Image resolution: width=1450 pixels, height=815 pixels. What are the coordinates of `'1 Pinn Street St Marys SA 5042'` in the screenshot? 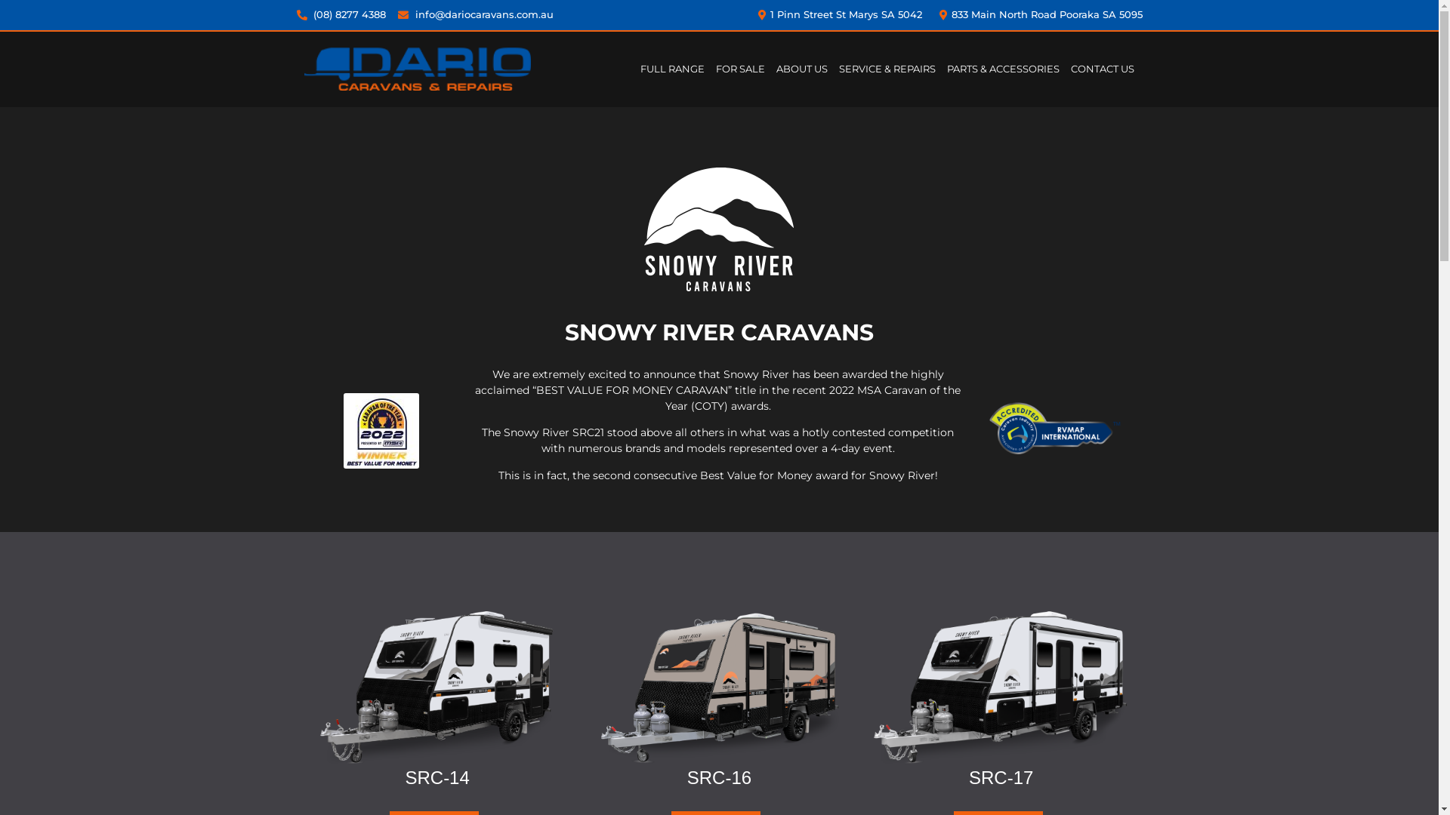 It's located at (837, 14).